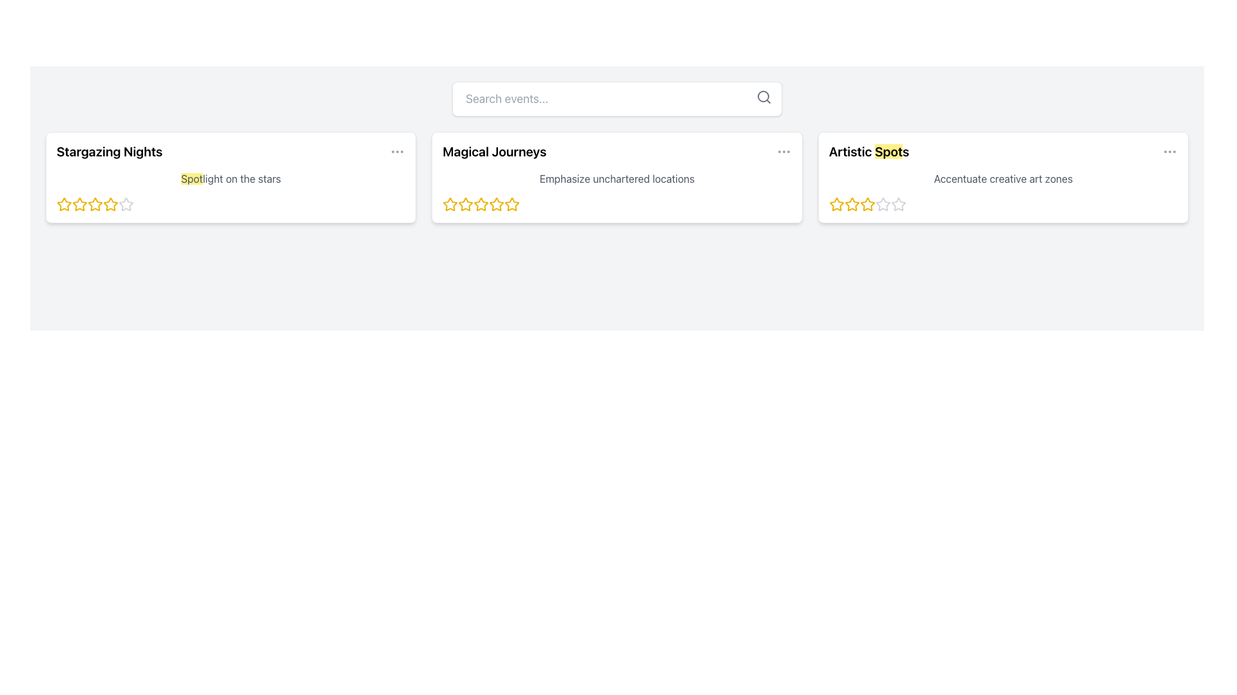 This screenshot has height=695, width=1237. I want to click on the fifth Rating Star Icon in the rating interface located below the title 'Magical Journeys', so click(496, 203).